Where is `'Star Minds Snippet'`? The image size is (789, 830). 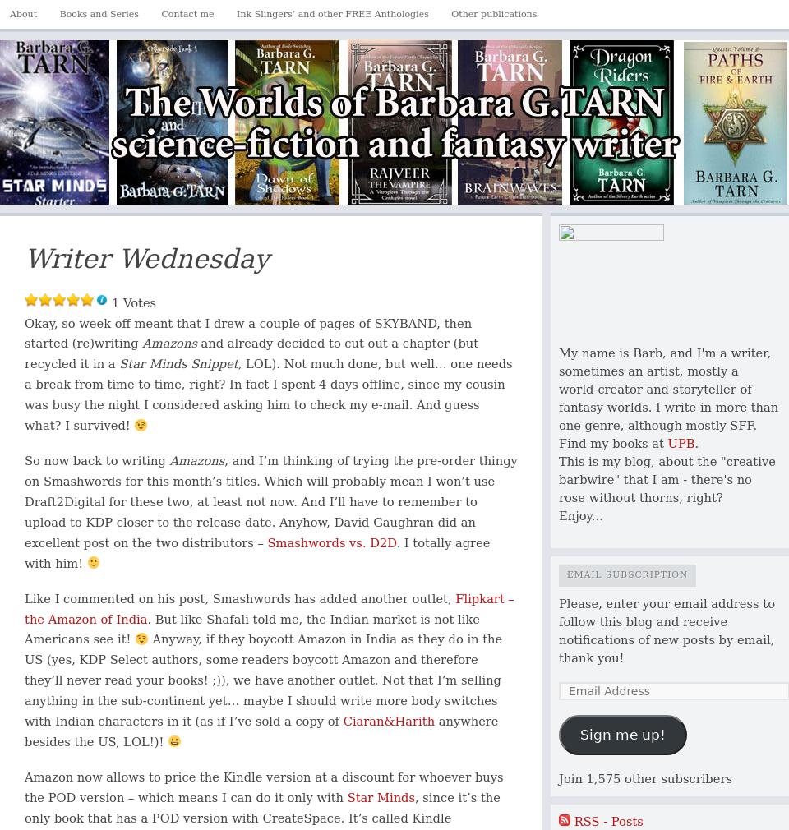 'Star Minds Snippet' is located at coordinates (178, 363).